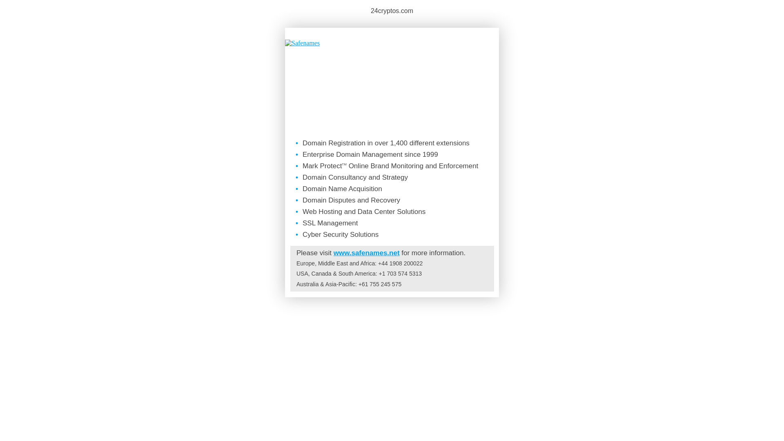 The width and height of the screenshot is (784, 441). What do you see at coordinates (366, 252) in the screenshot?
I see `'www.safenames.net'` at bounding box center [366, 252].